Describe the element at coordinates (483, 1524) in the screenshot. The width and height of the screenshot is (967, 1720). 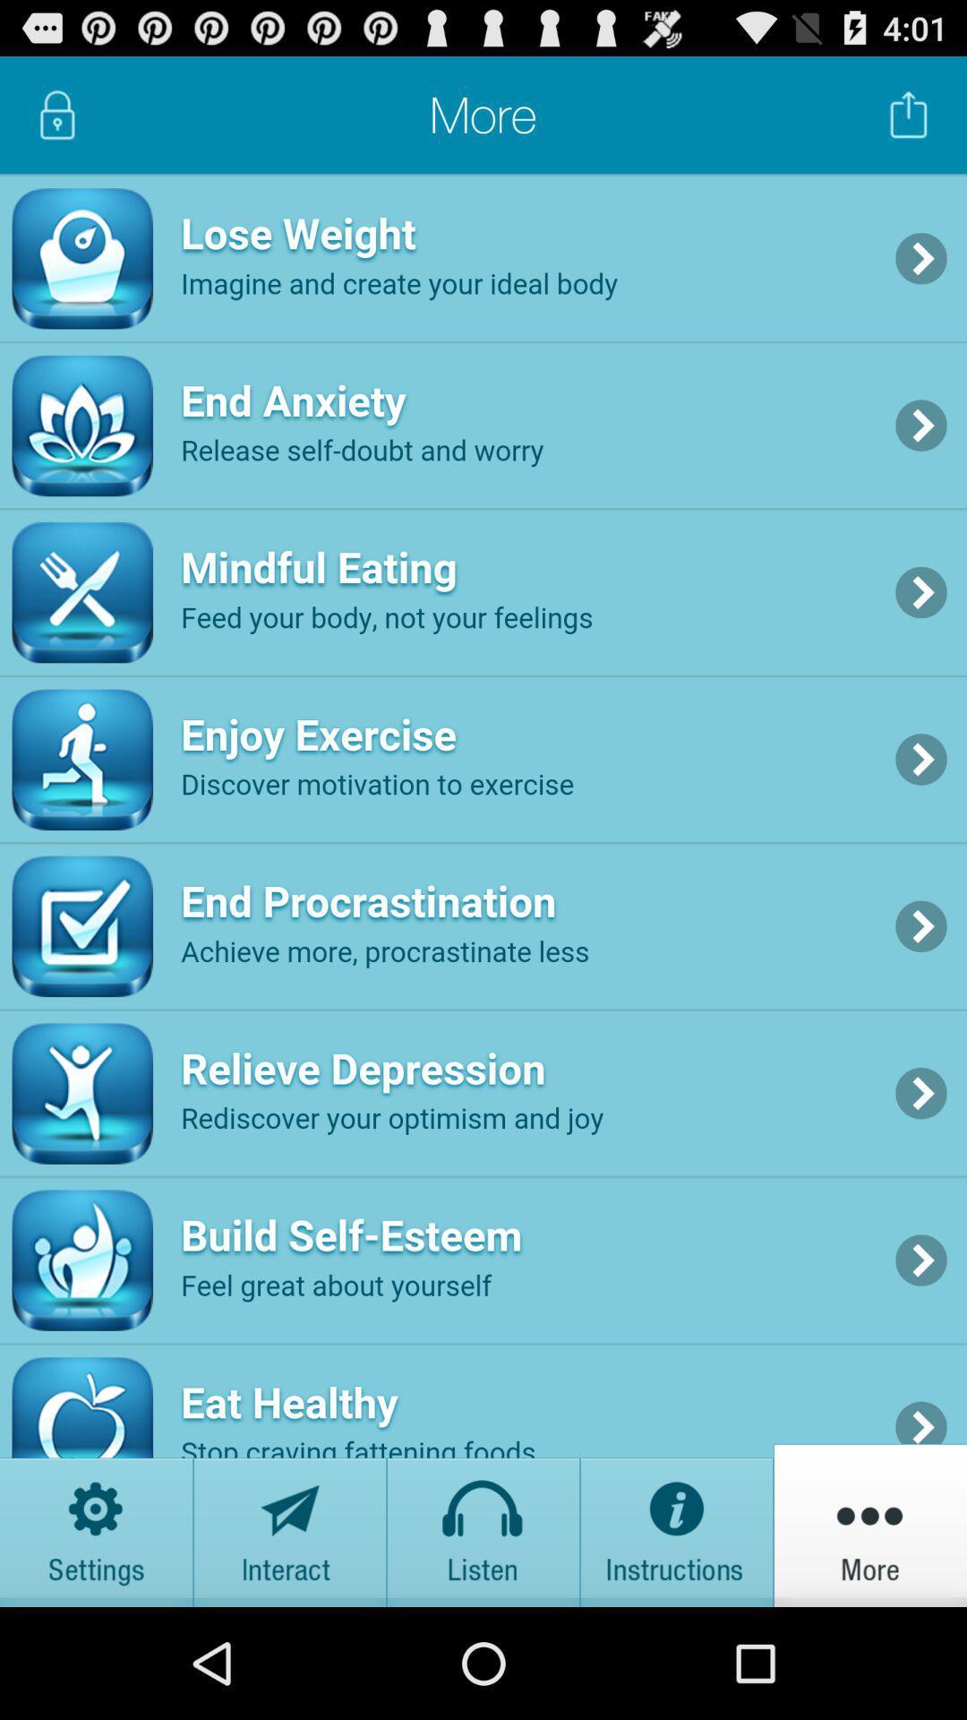
I see `start audio` at that location.